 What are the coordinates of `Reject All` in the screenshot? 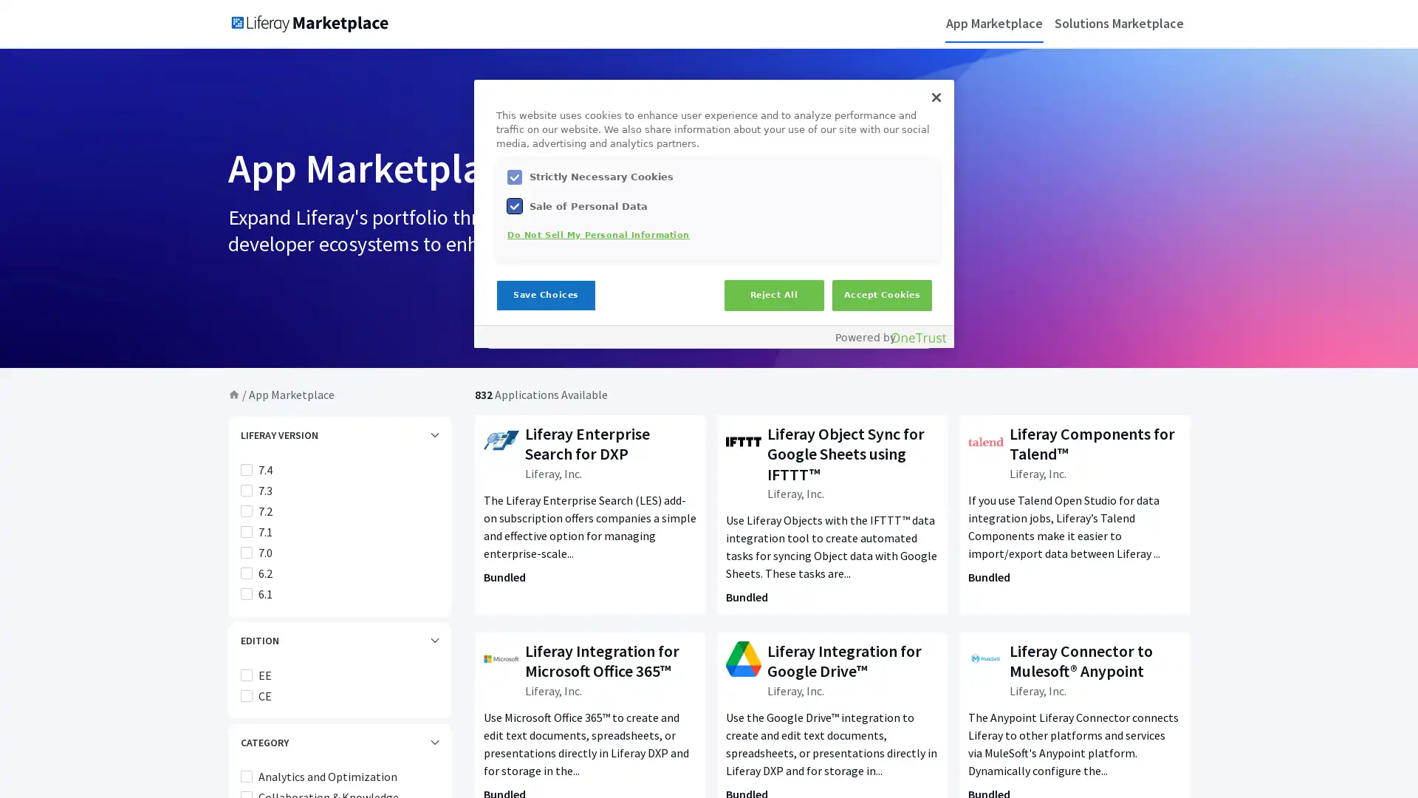 It's located at (773, 294).